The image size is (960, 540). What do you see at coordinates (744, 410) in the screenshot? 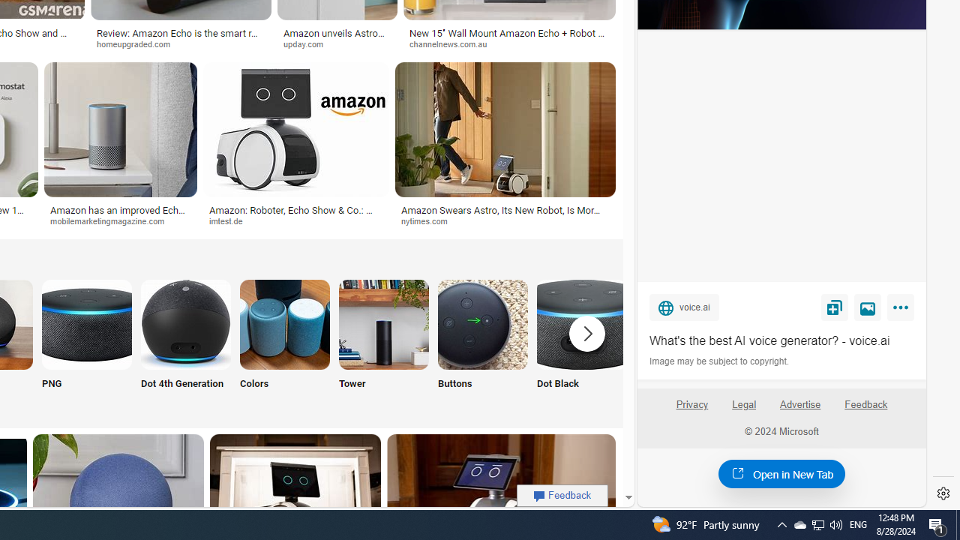
I see `'Legal'` at bounding box center [744, 410].